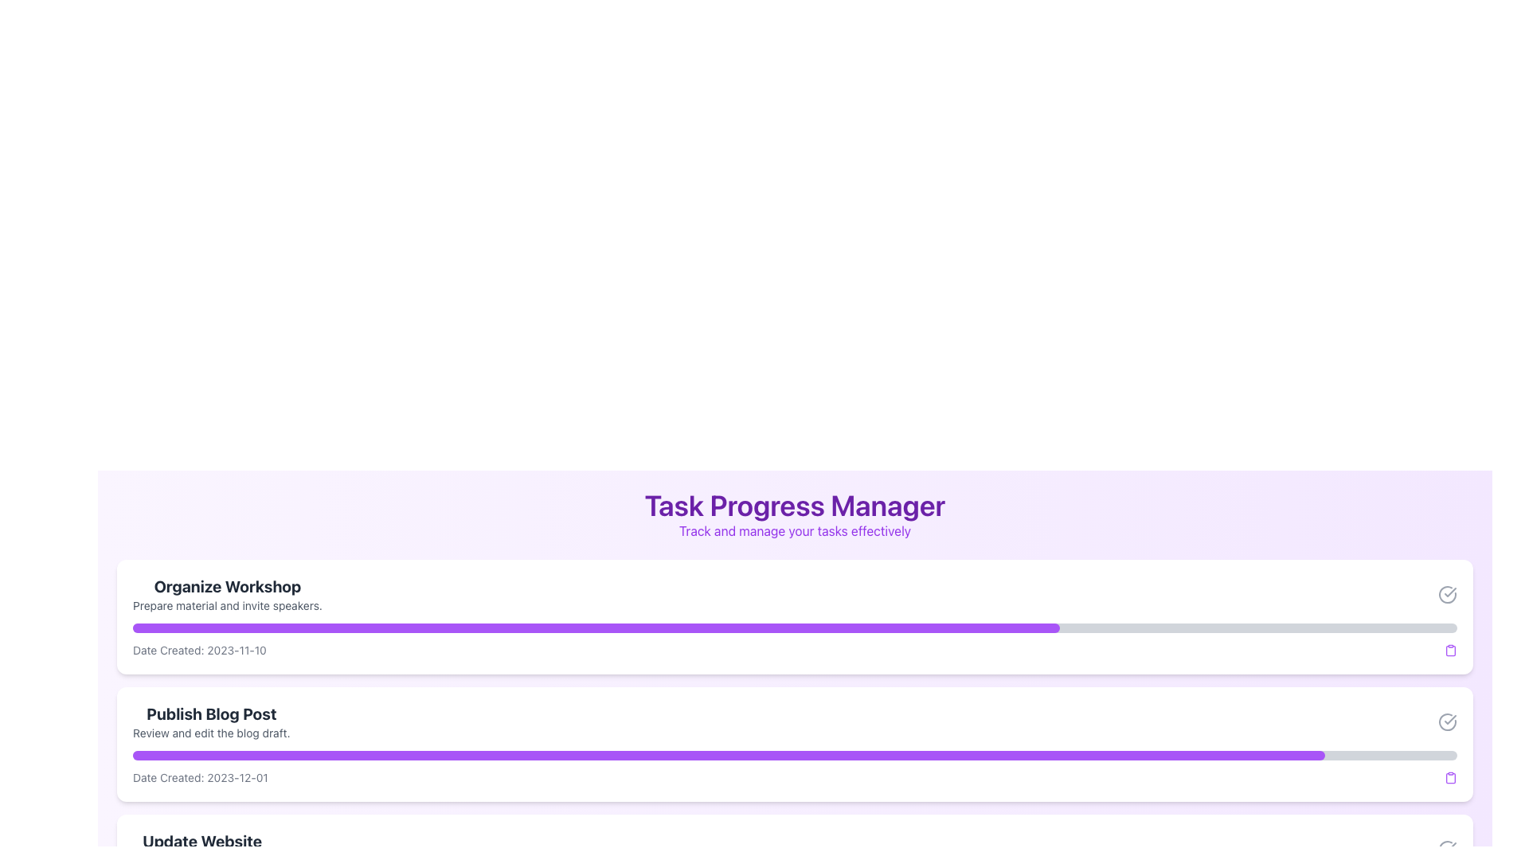 The width and height of the screenshot is (1529, 860). What do you see at coordinates (795, 754) in the screenshot?
I see `the progress bar element that visually represents the progress of the 'Publish Blog Post' task, located within the 'Task Progress Manager' section, below the text 'Review and edit the blog draft.'` at bounding box center [795, 754].